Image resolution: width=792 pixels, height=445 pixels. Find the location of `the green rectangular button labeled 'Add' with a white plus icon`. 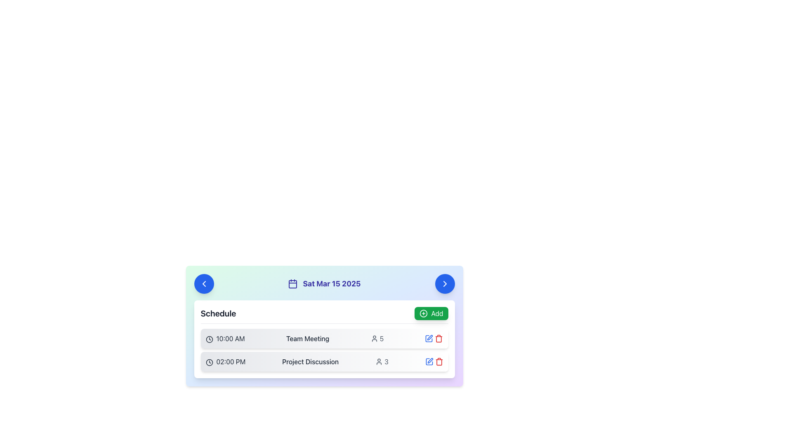

the green rectangular button labeled 'Add' with a white plus icon is located at coordinates (431, 313).